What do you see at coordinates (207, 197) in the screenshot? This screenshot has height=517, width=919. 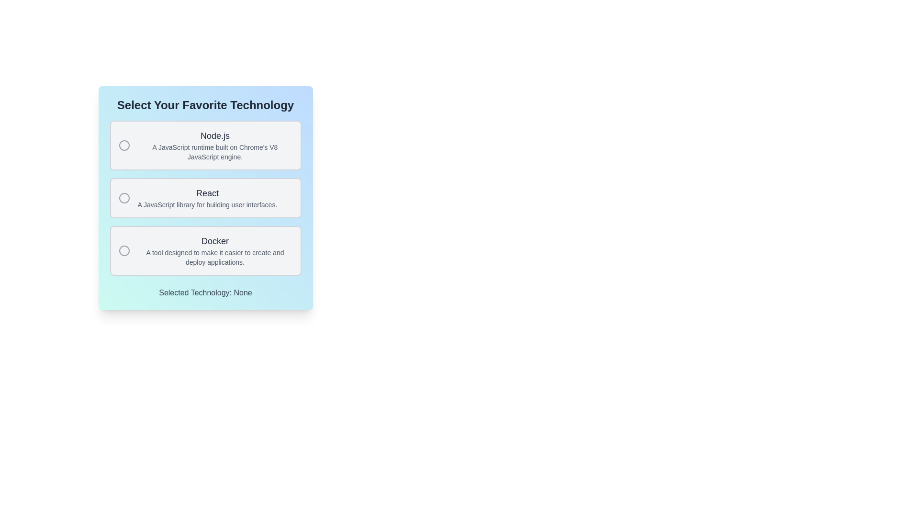 I see `the second item in the vertically arranged list of technologies, which provides descriptive information about React technology` at bounding box center [207, 197].